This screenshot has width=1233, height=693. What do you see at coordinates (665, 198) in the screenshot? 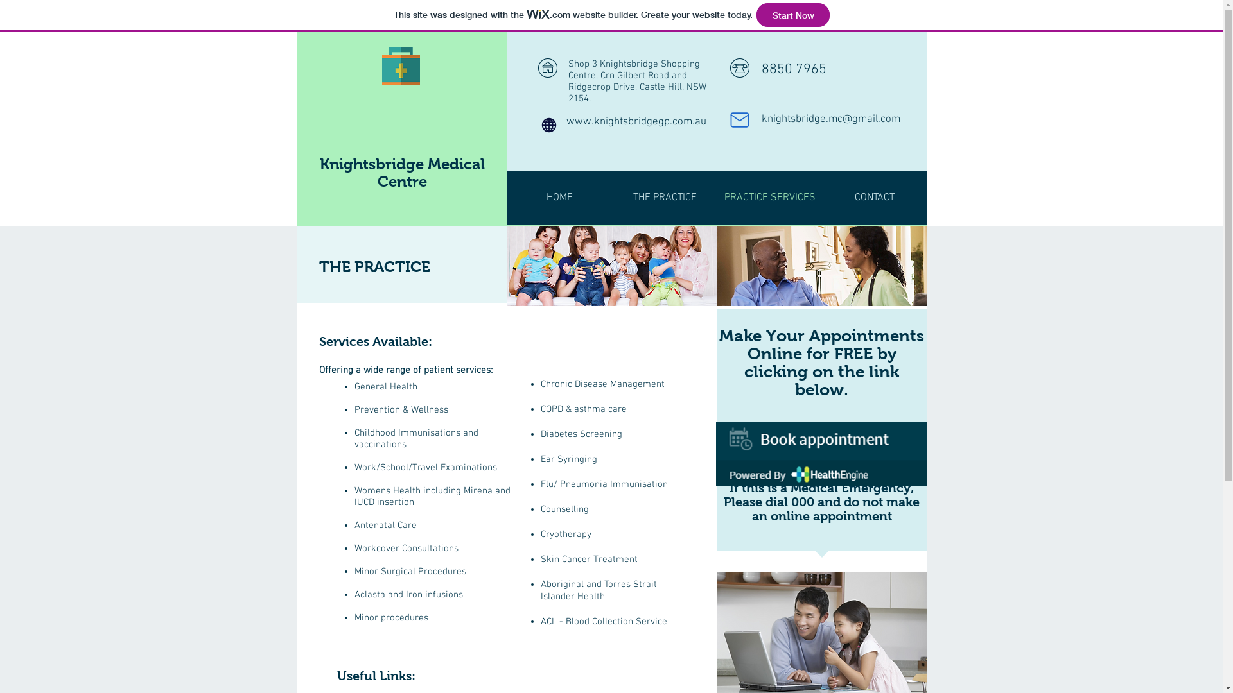
I see `'THE PRACTICE'` at bounding box center [665, 198].